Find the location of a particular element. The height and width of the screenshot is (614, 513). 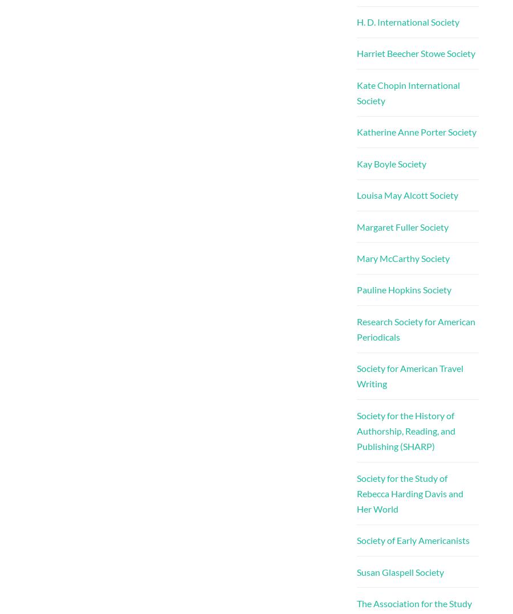

'Society for the History of Authorship, Reading, and Publishing (SHARP)' is located at coordinates (356, 431).